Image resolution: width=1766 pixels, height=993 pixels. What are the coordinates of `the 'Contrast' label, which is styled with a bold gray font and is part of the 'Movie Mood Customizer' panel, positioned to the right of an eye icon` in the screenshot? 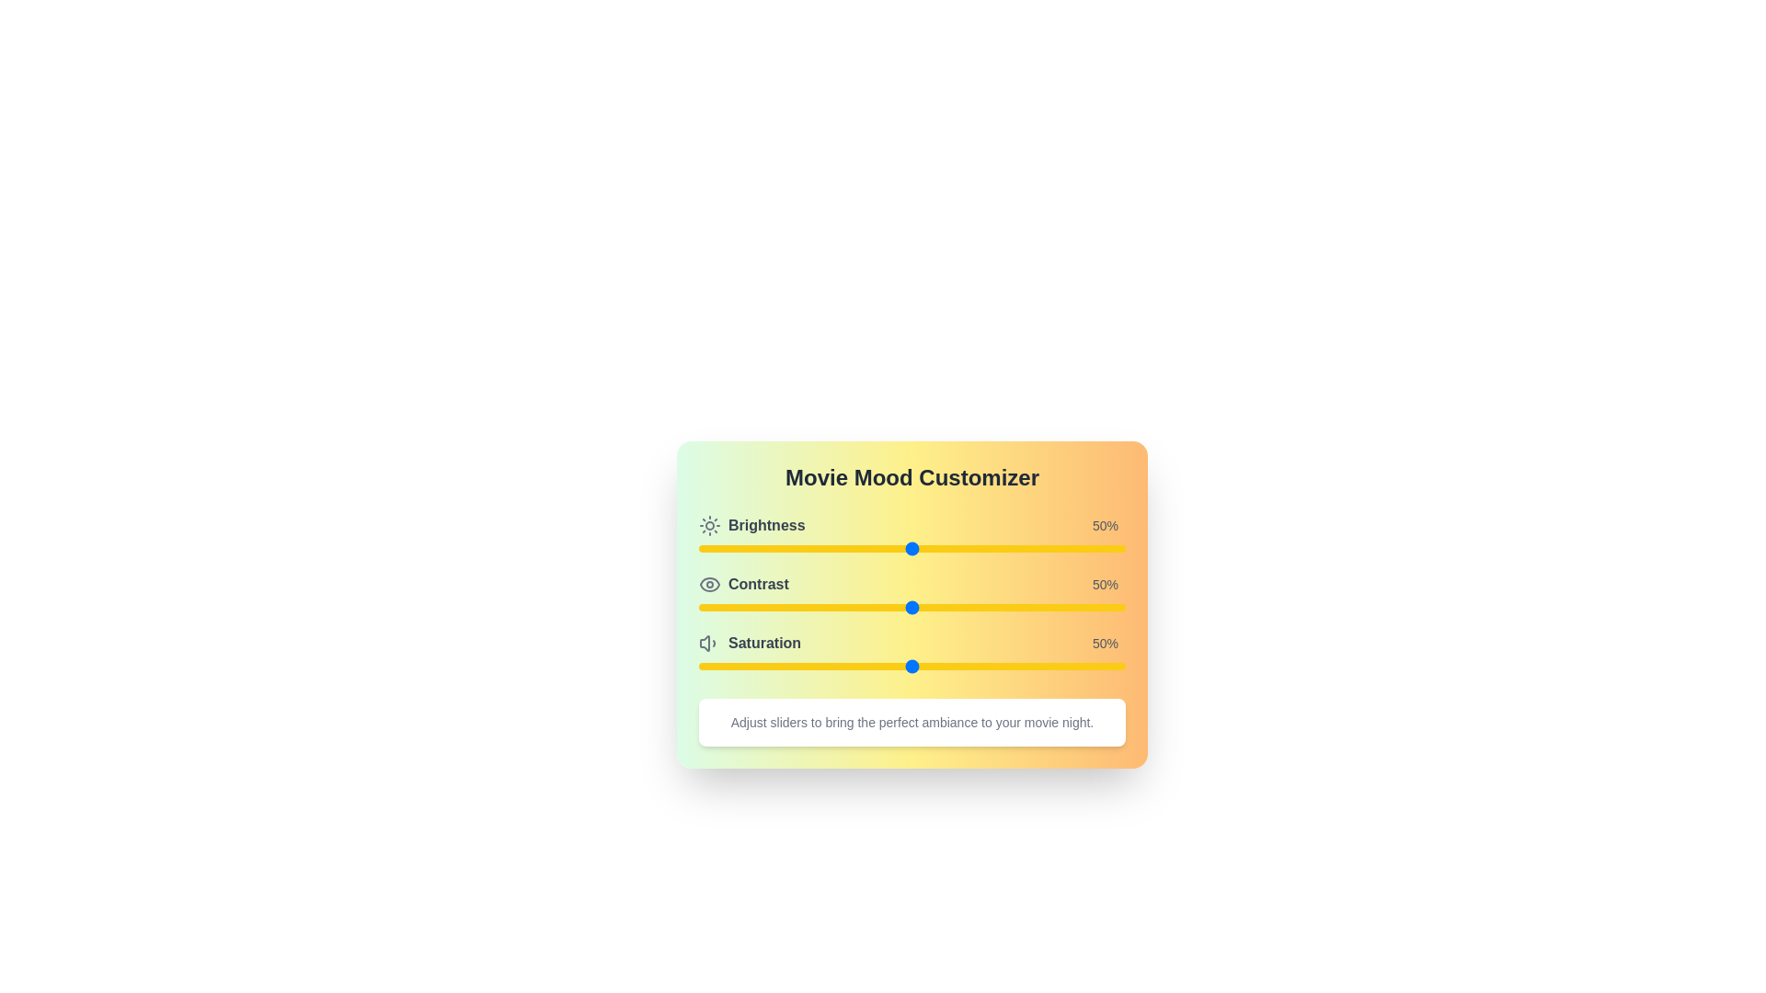 It's located at (758, 585).